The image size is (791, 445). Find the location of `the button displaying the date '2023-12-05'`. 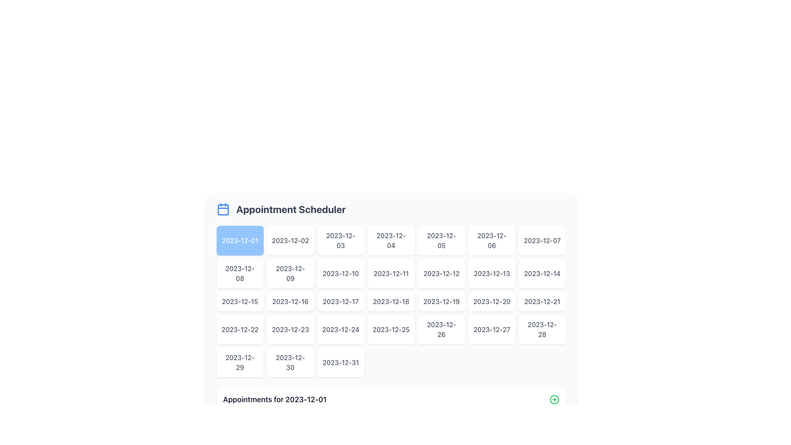

the button displaying the date '2023-12-05' is located at coordinates (441, 240).